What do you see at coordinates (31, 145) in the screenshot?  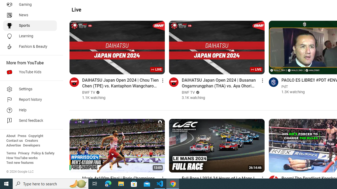 I see `'Developers'` at bounding box center [31, 145].